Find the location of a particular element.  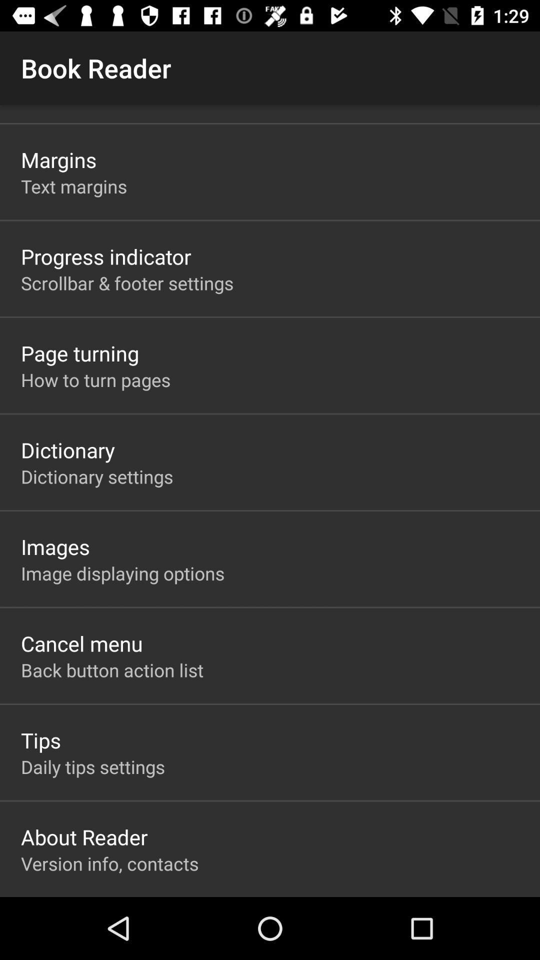

icon above dictionary app is located at coordinates (95, 379).